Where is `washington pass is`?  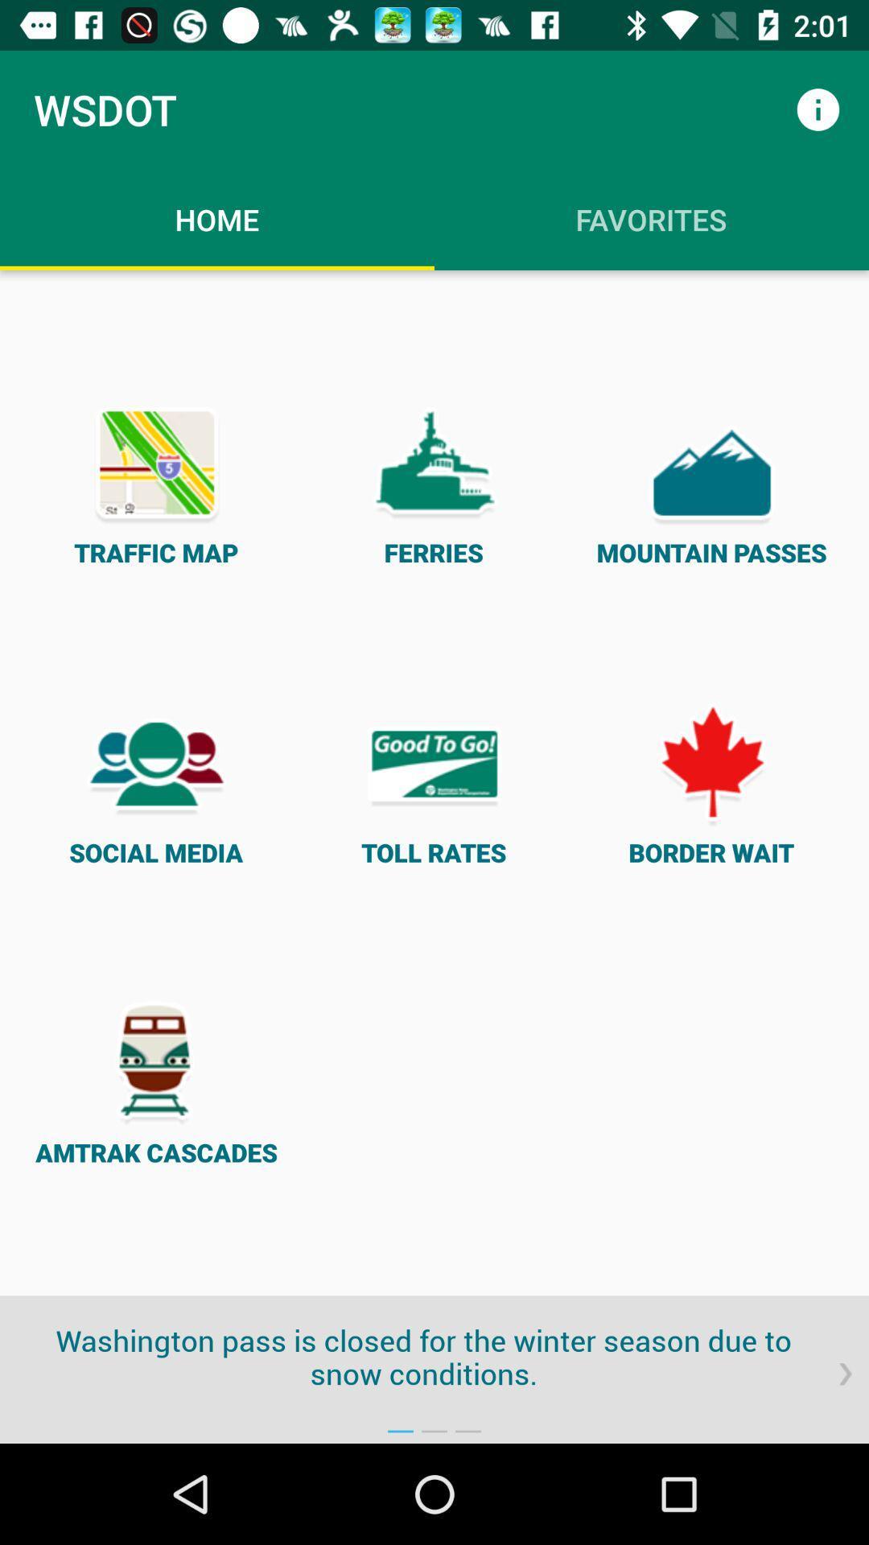
washington pass is is located at coordinates (434, 1357).